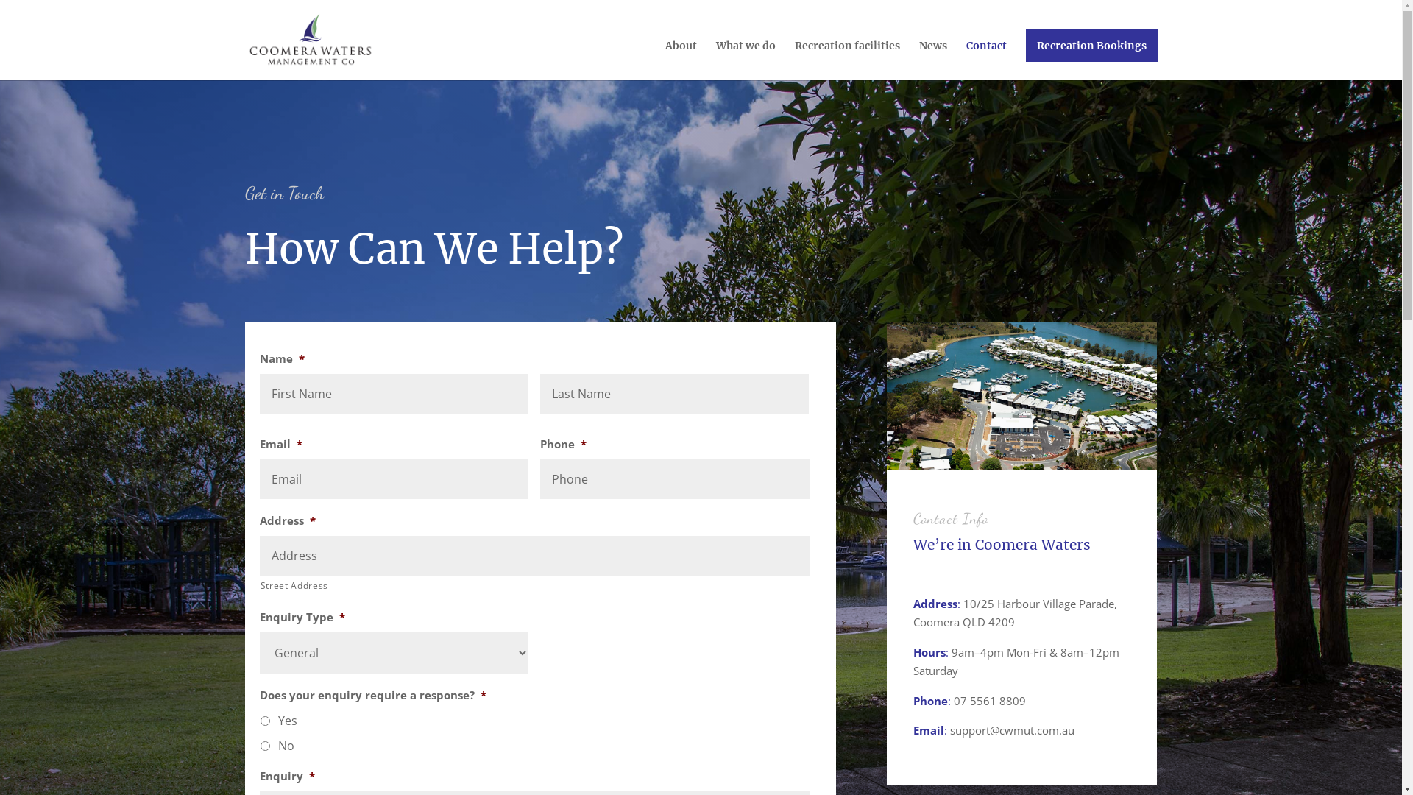 Image resolution: width=1413 pixels, height=795 pixels. I want to click on 'Recreation Bookings', so click(1091, 44).